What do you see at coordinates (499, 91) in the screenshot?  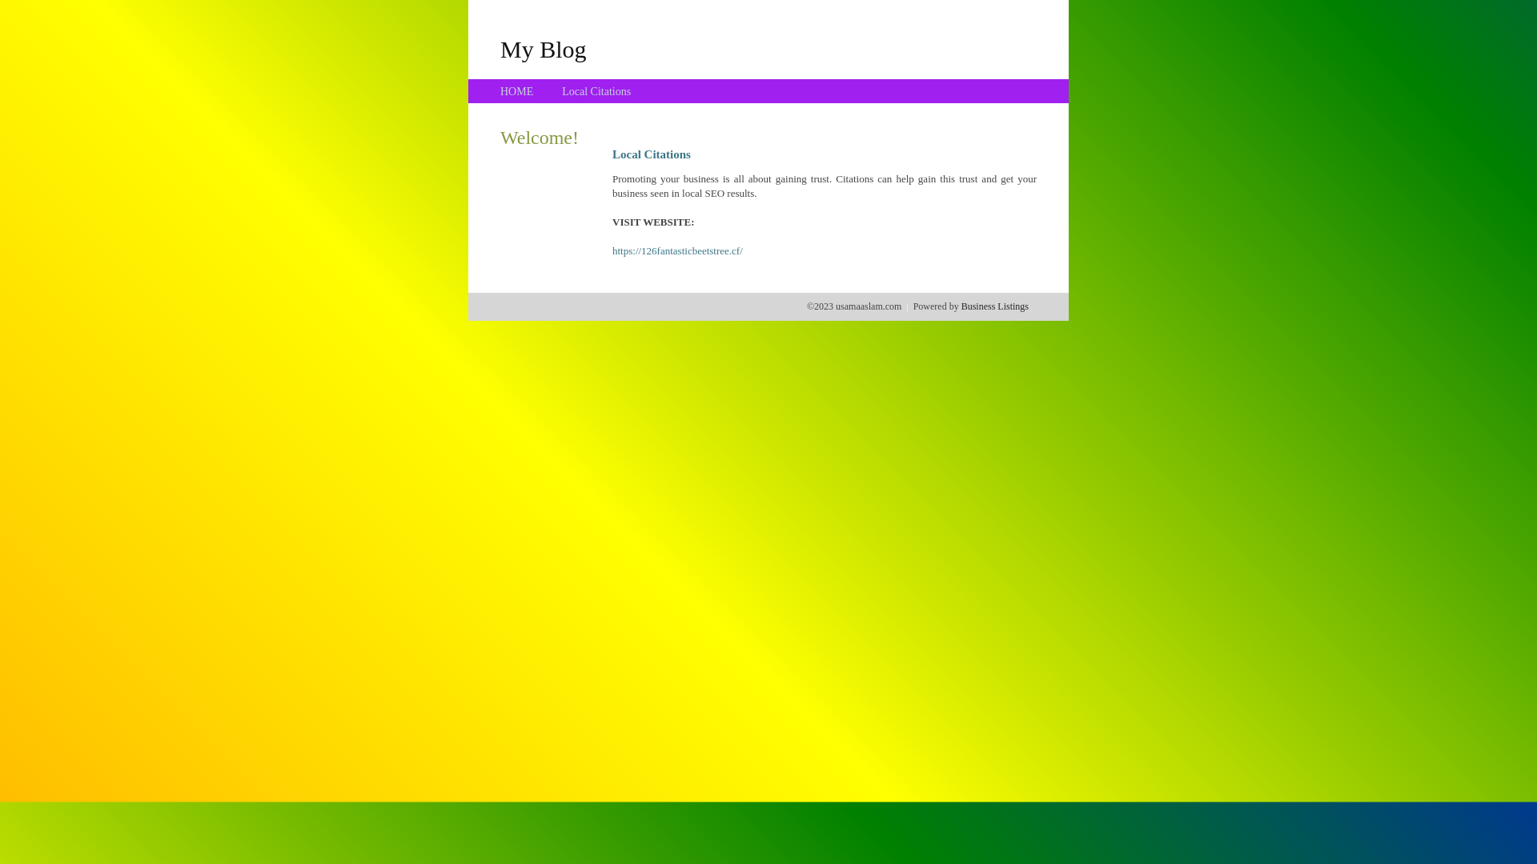 I see `'HOME'` at bounding box center [499, 91].